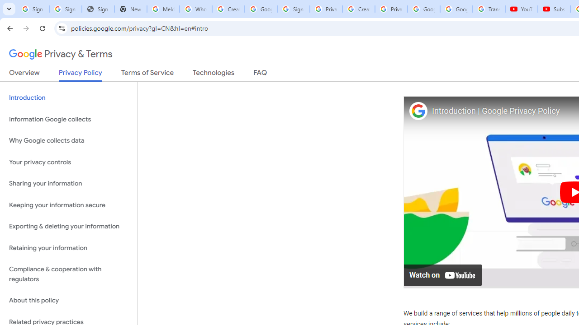 The width and height of the screenshot is (579, 325). I want to click on 'Why Google collects data', so click(68, 141).